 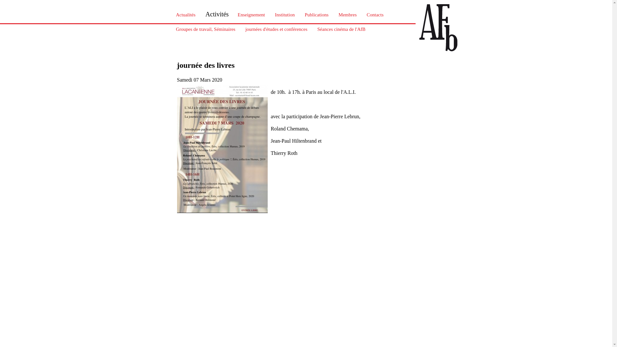 I want to click on 'Institution', so click(x=275, y=14).